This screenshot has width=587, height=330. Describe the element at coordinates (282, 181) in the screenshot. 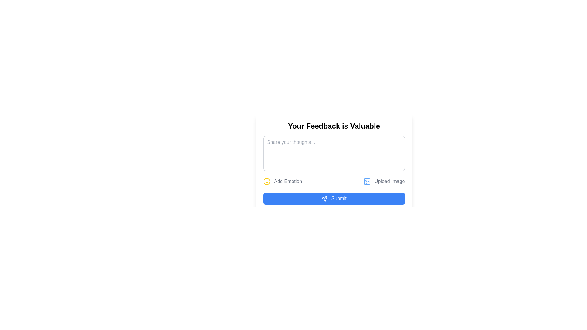

I see `the button that adds an emotional expression or emoticon` at that location.